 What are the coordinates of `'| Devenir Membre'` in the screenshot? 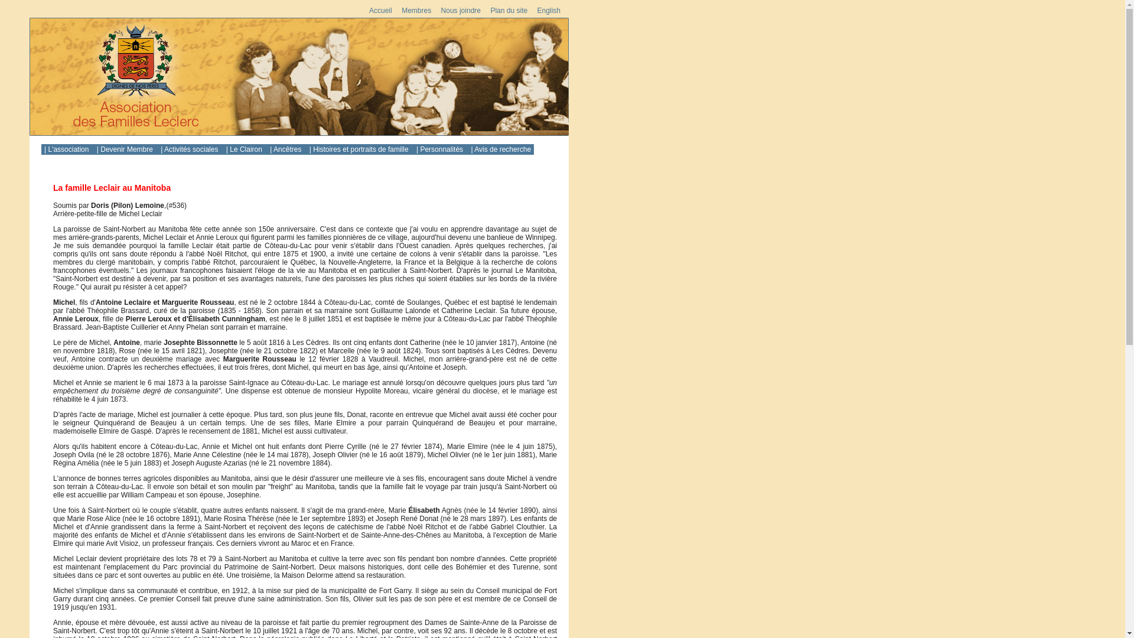 It's located at (125, 149).